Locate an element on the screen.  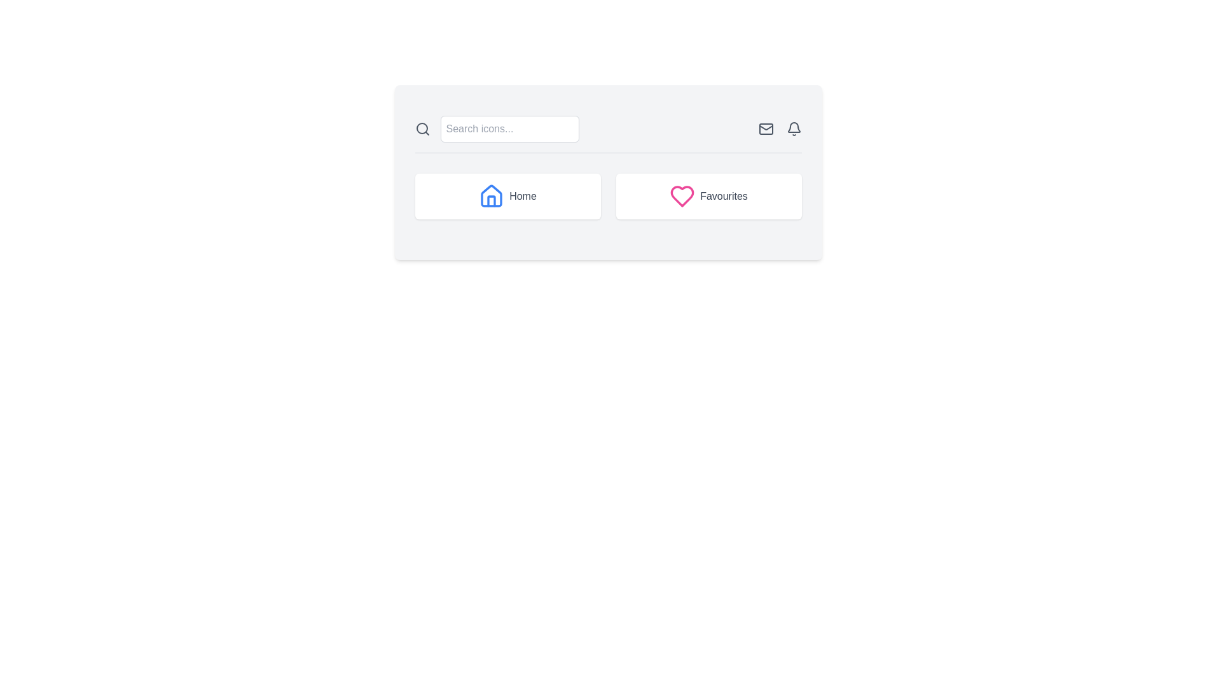
the bell icon is located at coordinates (793, 129).